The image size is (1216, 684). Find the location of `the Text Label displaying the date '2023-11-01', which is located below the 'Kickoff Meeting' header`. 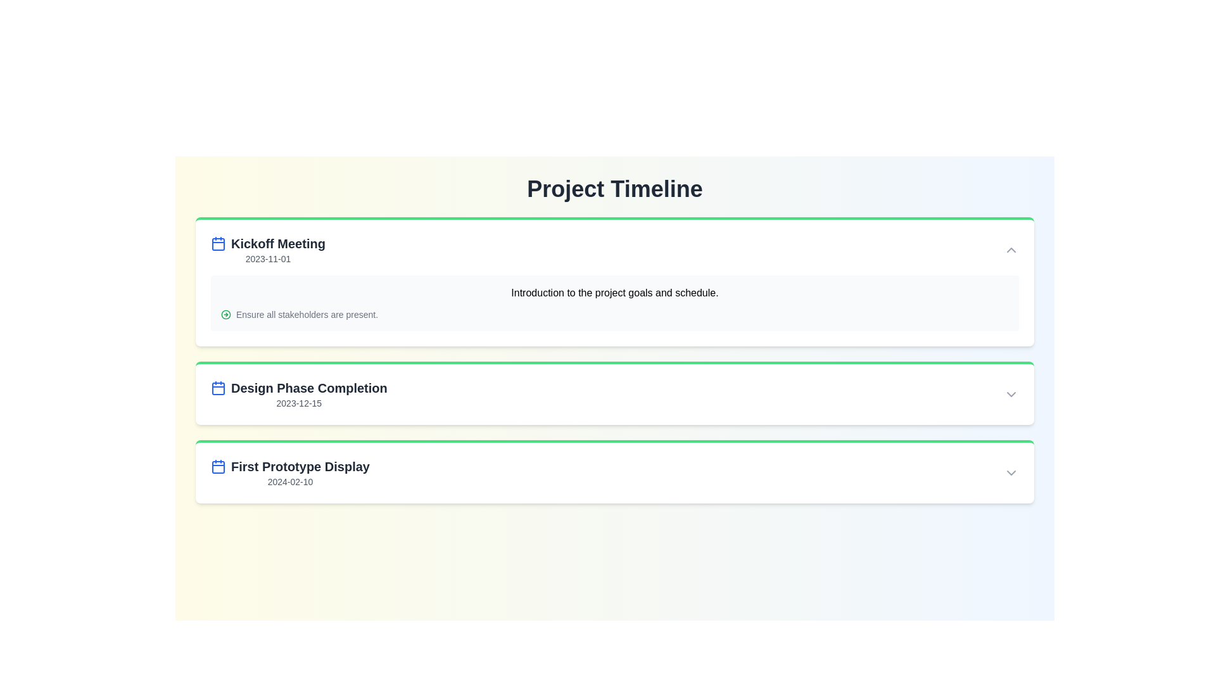

the Text Label displaying the date '2023-11-01', which is located below the 'Kickoff Meeting' header is located at coordinates (267, 258).